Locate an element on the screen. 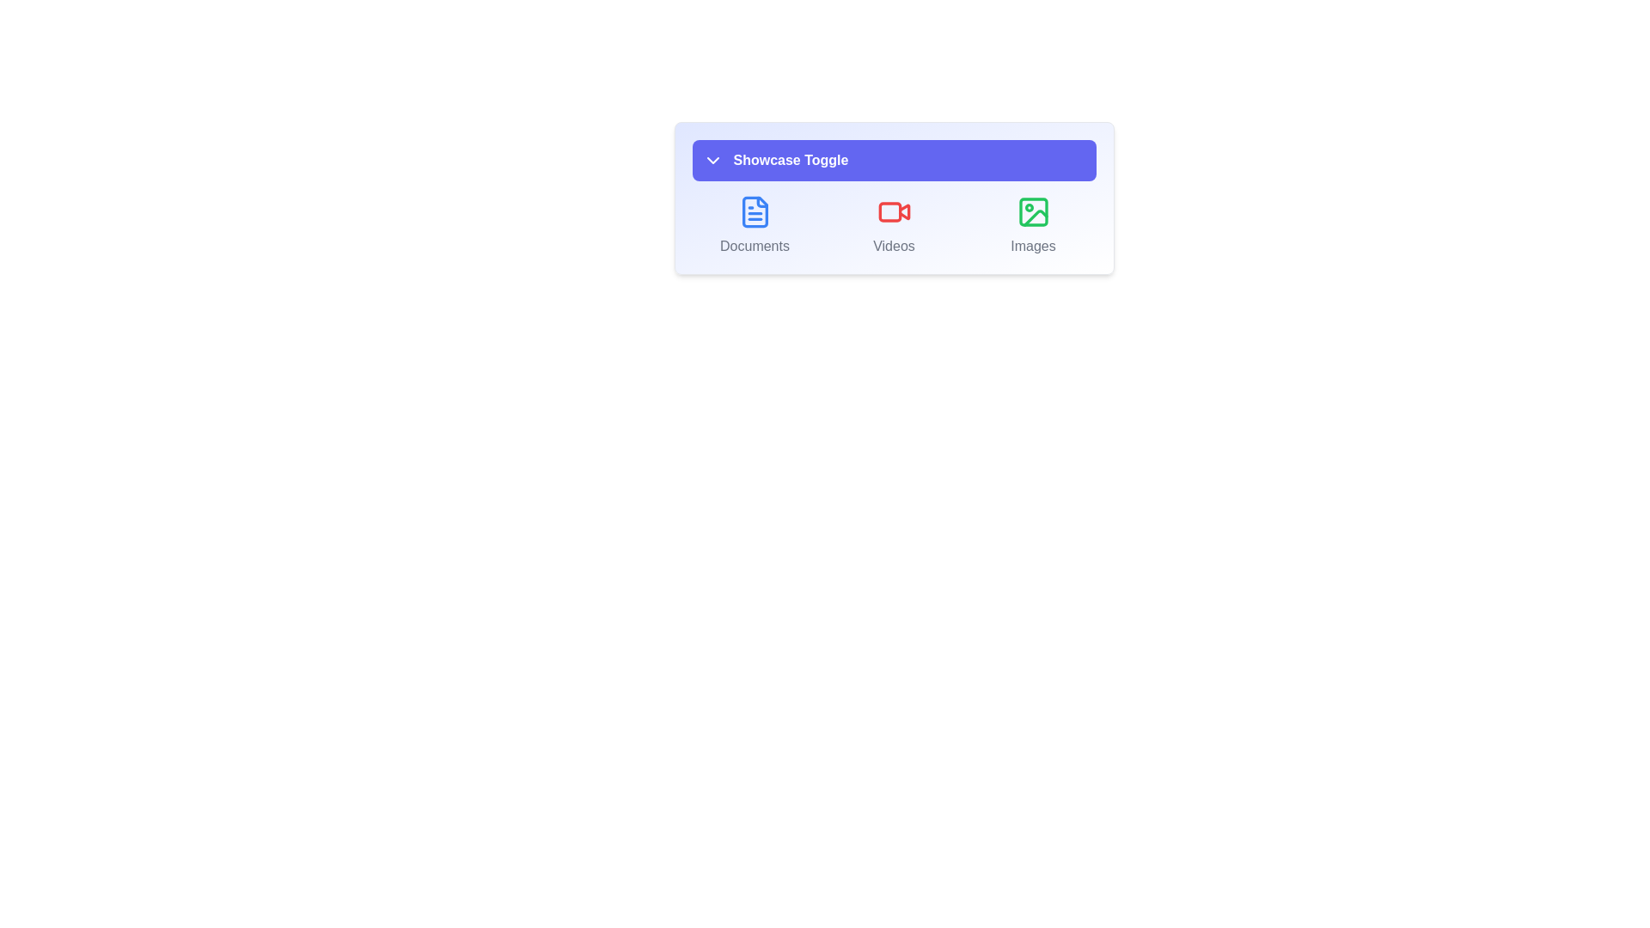 The height and width of the screenshot is (928, 1650). the central icon representing video features, located within the 'Videos' section of the icon row, to interact with the video feature is located at coordinates (903, 211).